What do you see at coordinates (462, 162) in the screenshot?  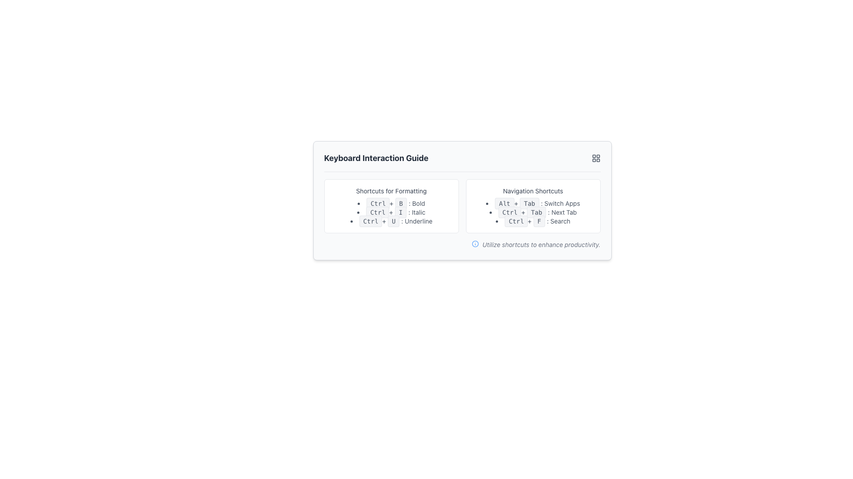 I see `the 'Keyboard Interaction Guide' header` at bounding box center [462, 162].